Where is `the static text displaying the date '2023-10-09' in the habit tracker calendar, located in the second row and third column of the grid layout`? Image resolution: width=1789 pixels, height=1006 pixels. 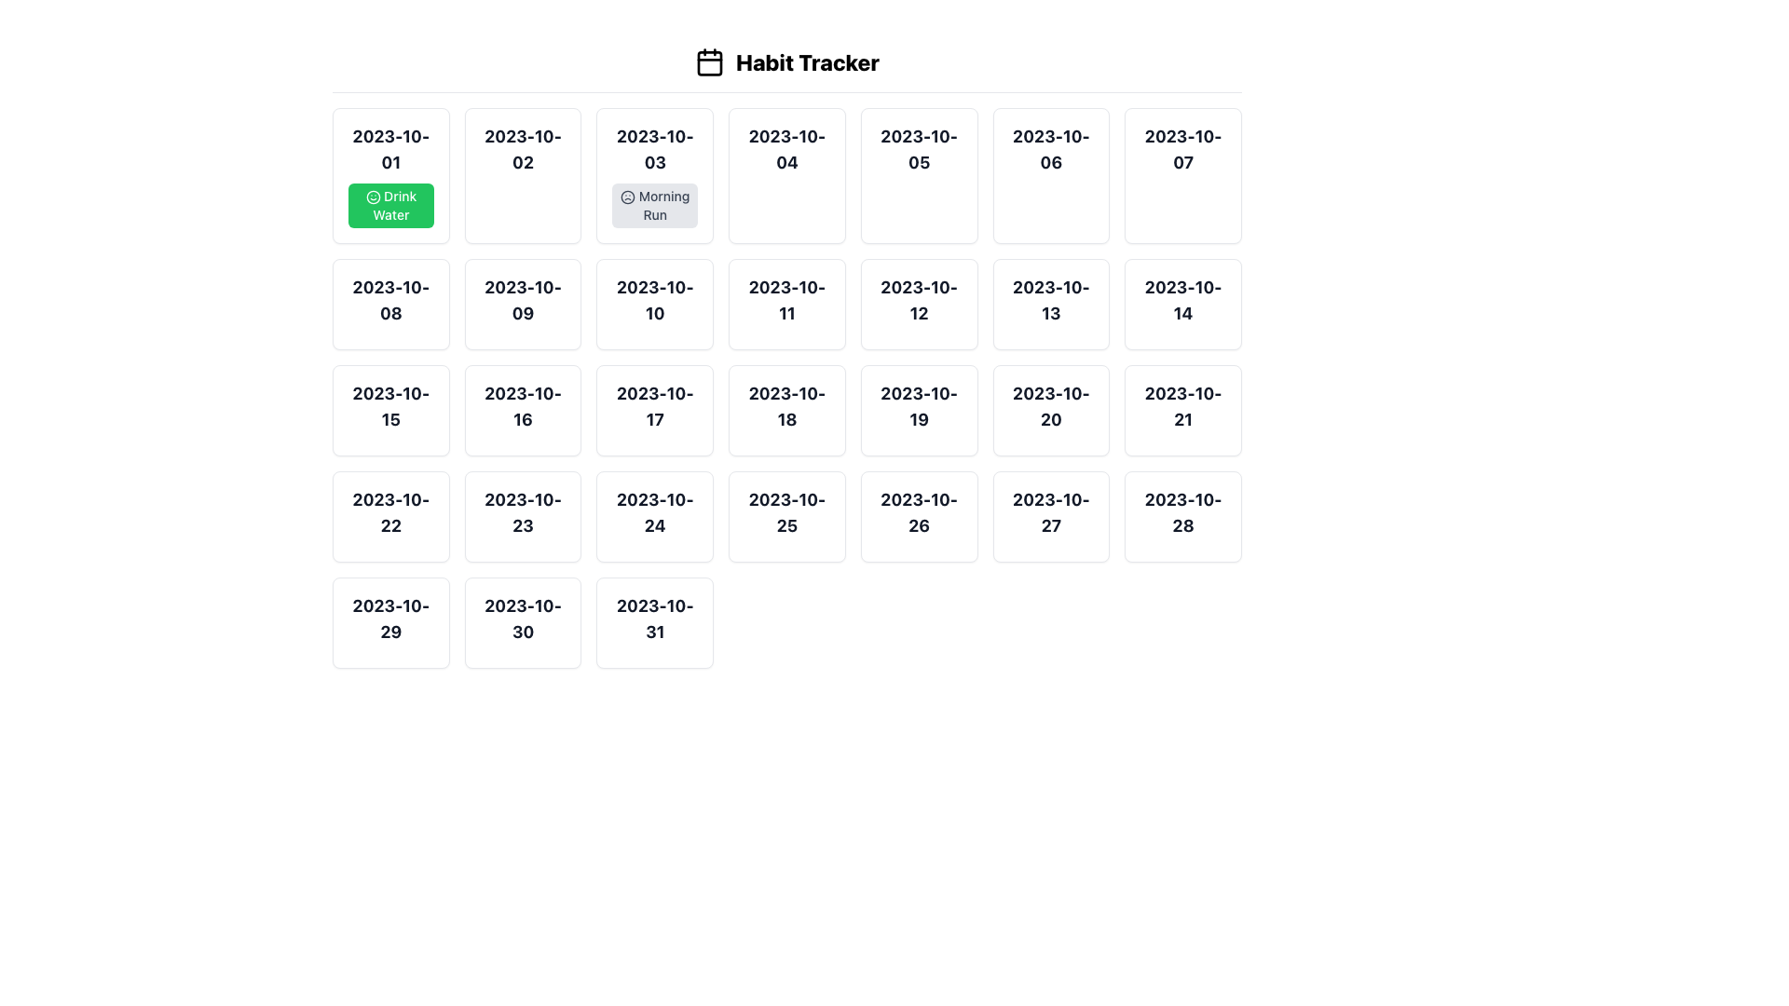 the static text displaying the date '2023-10-09' in the habit tracker calendar, located in the second row and third column of the grid layout is located at coordinates (522, 300).